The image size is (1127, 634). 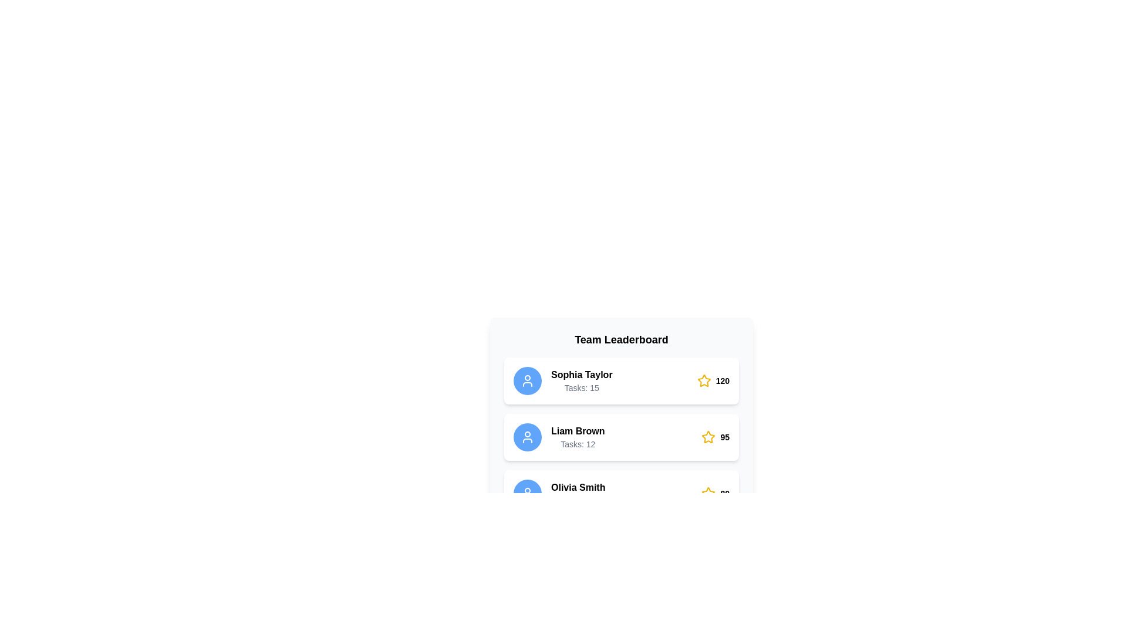 What do you see at coordinates (621, 424) in the screenshot?
I see `the leaderboard entry card for user 'Liam Brown' which displays their task count of '12' and score of '95'. This card is the second in the list of leaderboard entries within the 'Team Leaderboard' section` at bounding box center [621, 424].